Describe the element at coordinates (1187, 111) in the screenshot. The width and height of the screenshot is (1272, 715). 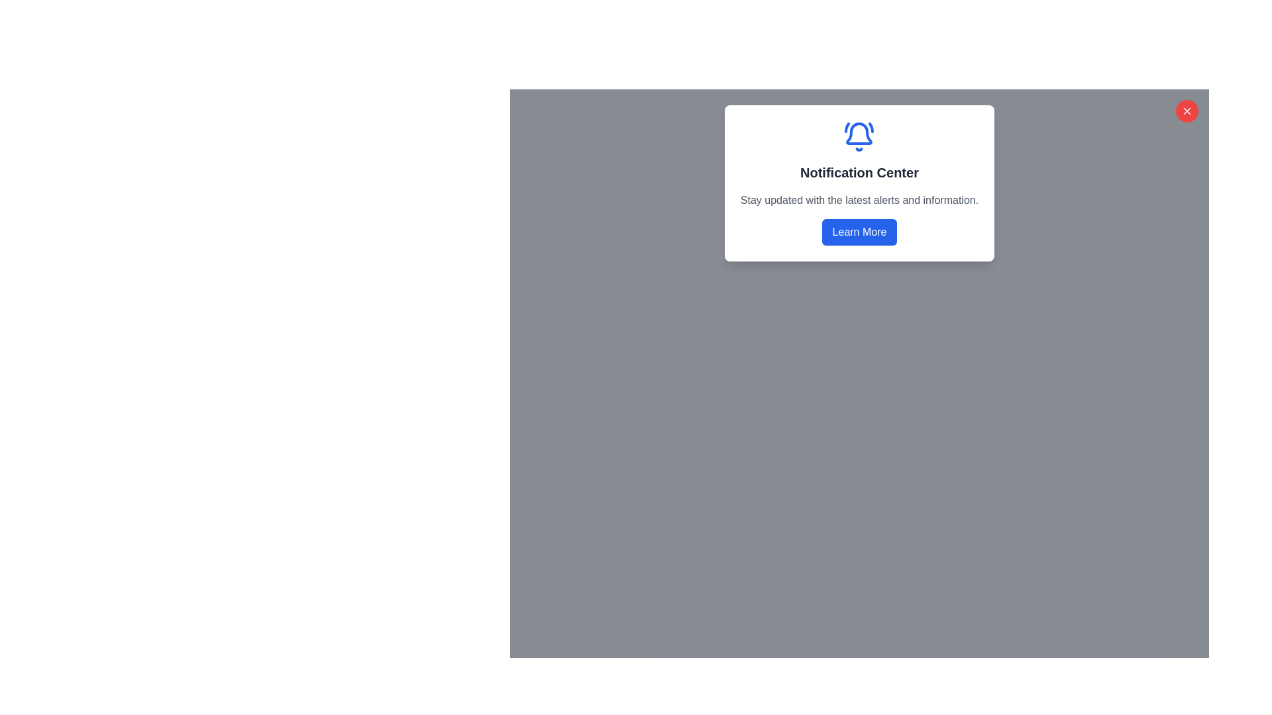
I see `the close button located in the top-right corner of the semi-transparent gray overlay that dismisses the notification center` at that location.